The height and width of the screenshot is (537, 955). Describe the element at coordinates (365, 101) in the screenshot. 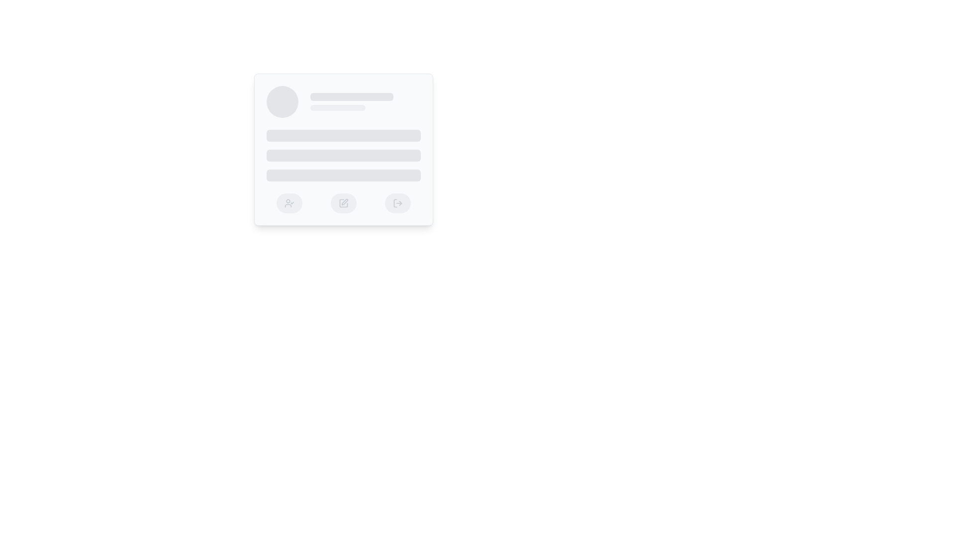

I see `the Loading Placeholder, which indicates loading content within a card or profile layout, located to the right of a circular profile picture placeholder and above smaller rectangular placeholders` at that location.